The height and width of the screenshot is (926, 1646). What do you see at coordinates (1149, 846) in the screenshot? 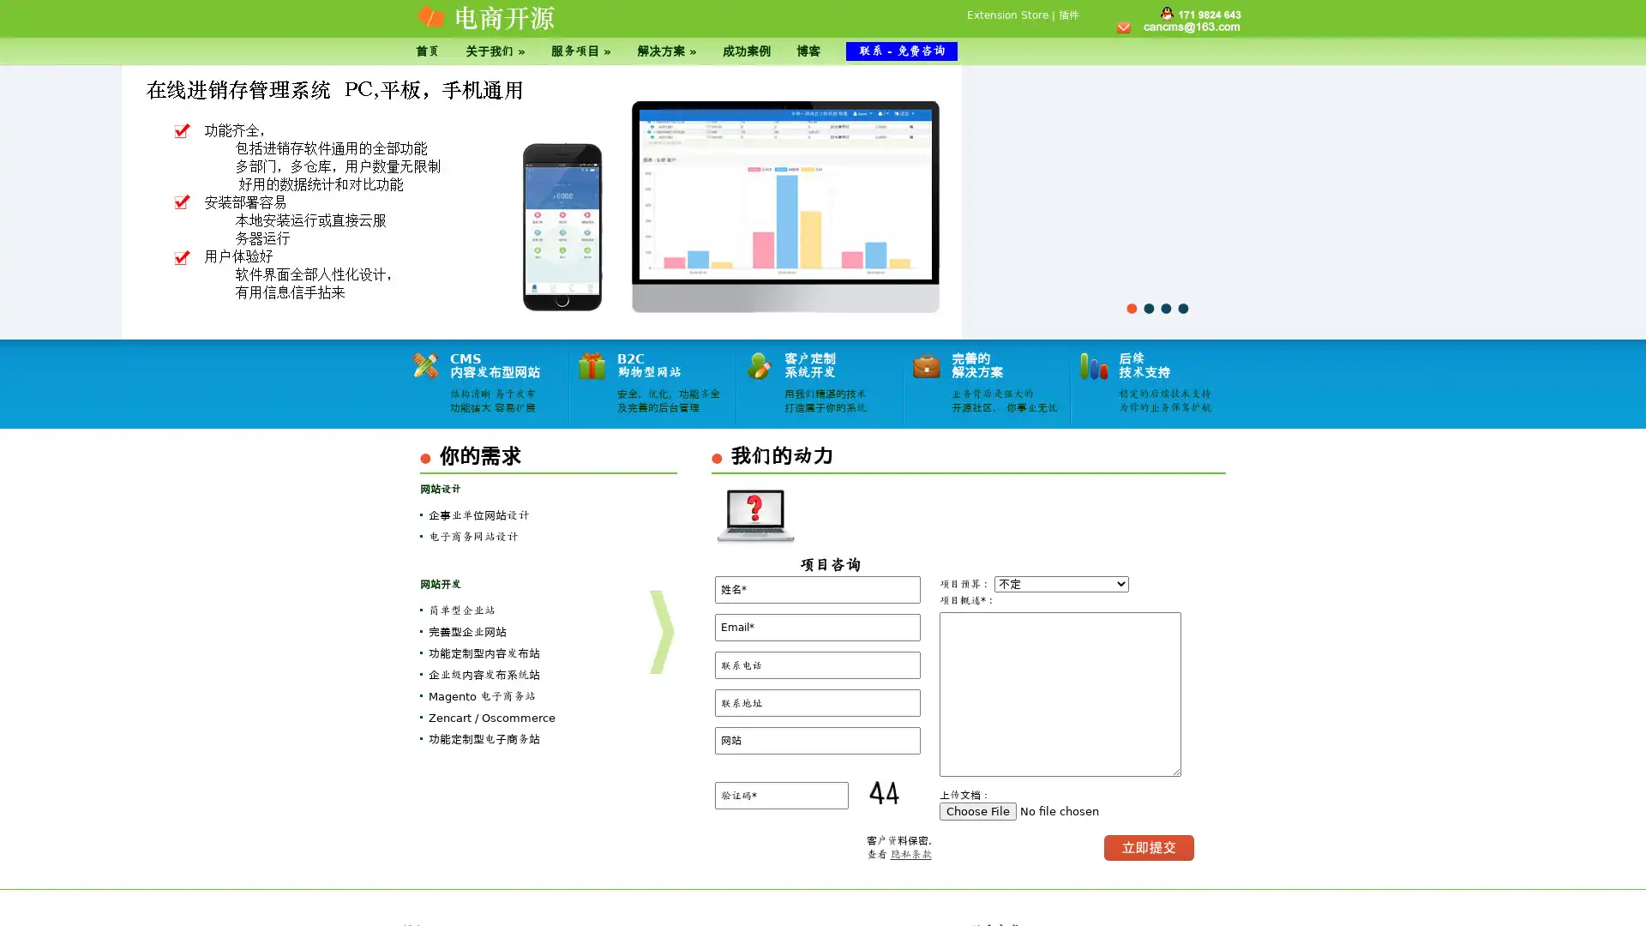
I see `Submit` at bounding box center [1149, 846].